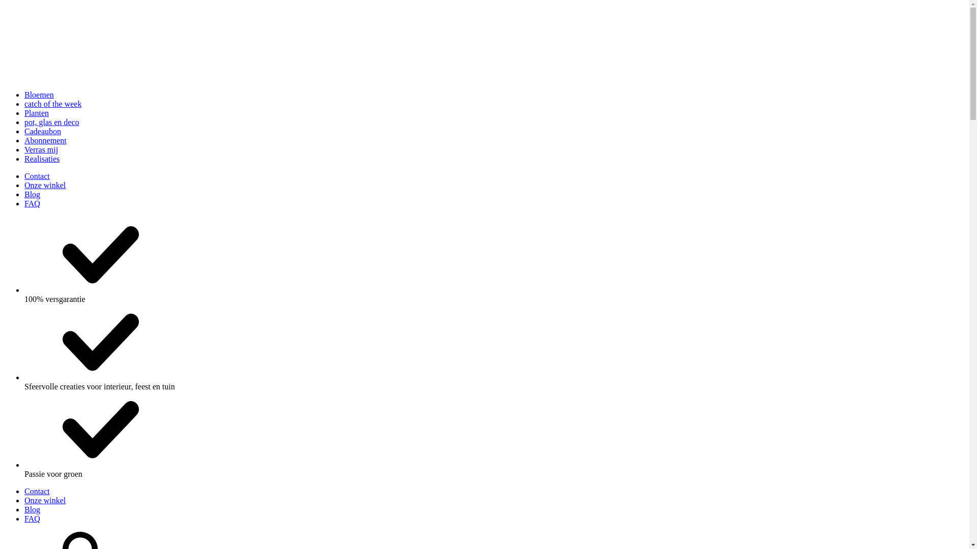 Image resolution: width=977 pixels, height=549 pixels. What do you see at coordinates (42, 131) in the screenshot?
I see `'Cadeaubon'` at bounding box center [42, 131].